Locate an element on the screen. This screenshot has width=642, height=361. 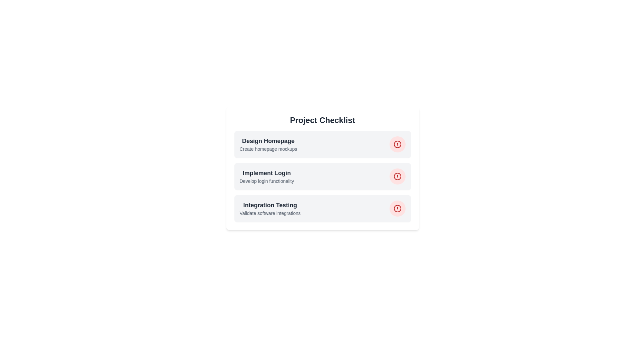
content displayed in the text element showing 'Develop login functionality', which is located below the heading 'Implement Login' is located at coordinates (266, 181).